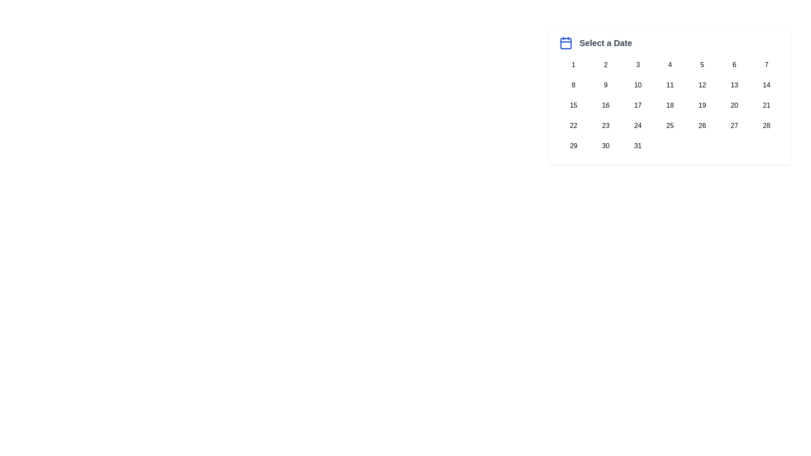 This screenshot has height=456, width=811. I want to click on the number '30' in the calendar date picker to change its background color, so click(605, 146).